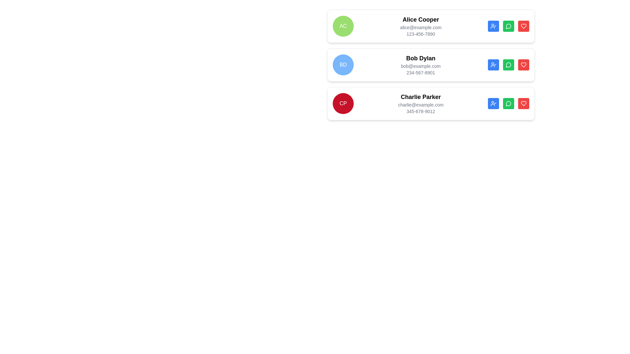 The width and height of the screenshot is (630, 354). What do you see at coordinates (523, 65) in the screenshot?
I see `the heart-shaped icon inside the red button` at bounding box center [523, 65].